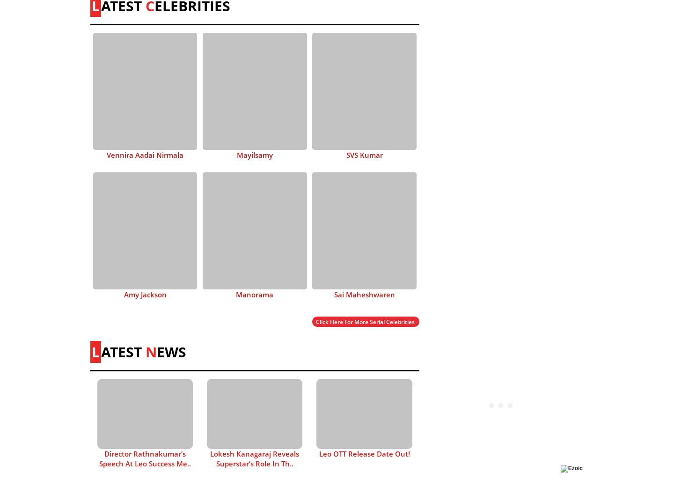 The width and height of the screenshot is (674, 480). I want to click on 'Chinna Thala Is Back In Action 💥💣 | #IPL2021​ | #N..', so click(501, 356).